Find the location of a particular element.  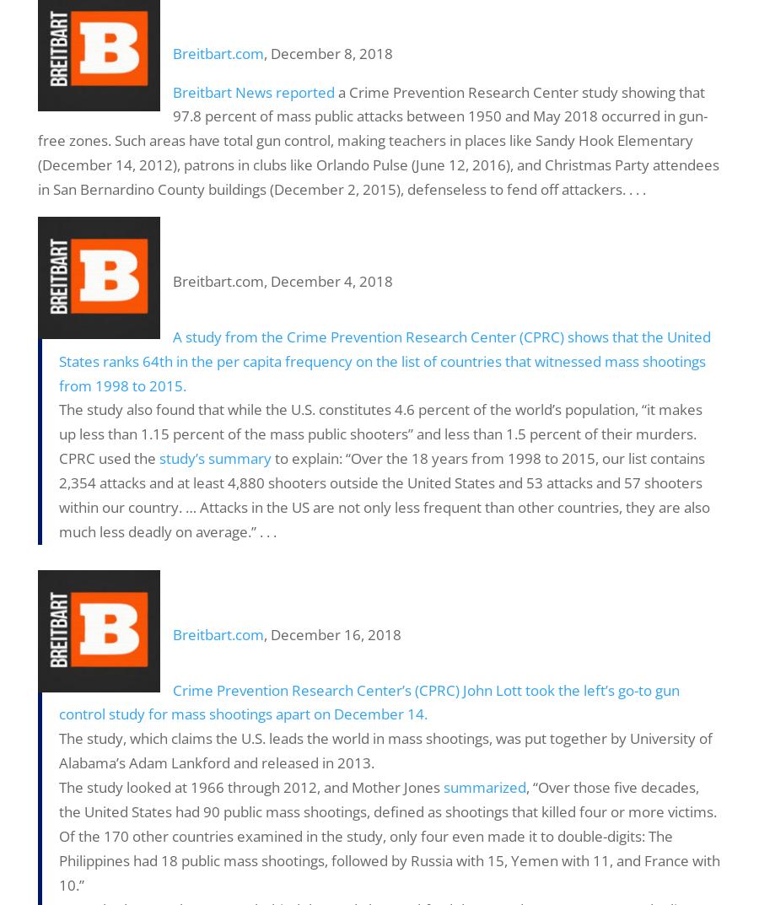

', “Over those five decades, the United States had 90 public mass shootings, defined as shootings that killed four or more victims. Of the 170 other countries examined in the study, only four even made it to double-digits: The Philippines had 18 public mass shootings, followed by Russia with 15, Yemen with 11, and France with 10.”' is located at coordinates (58, 835).